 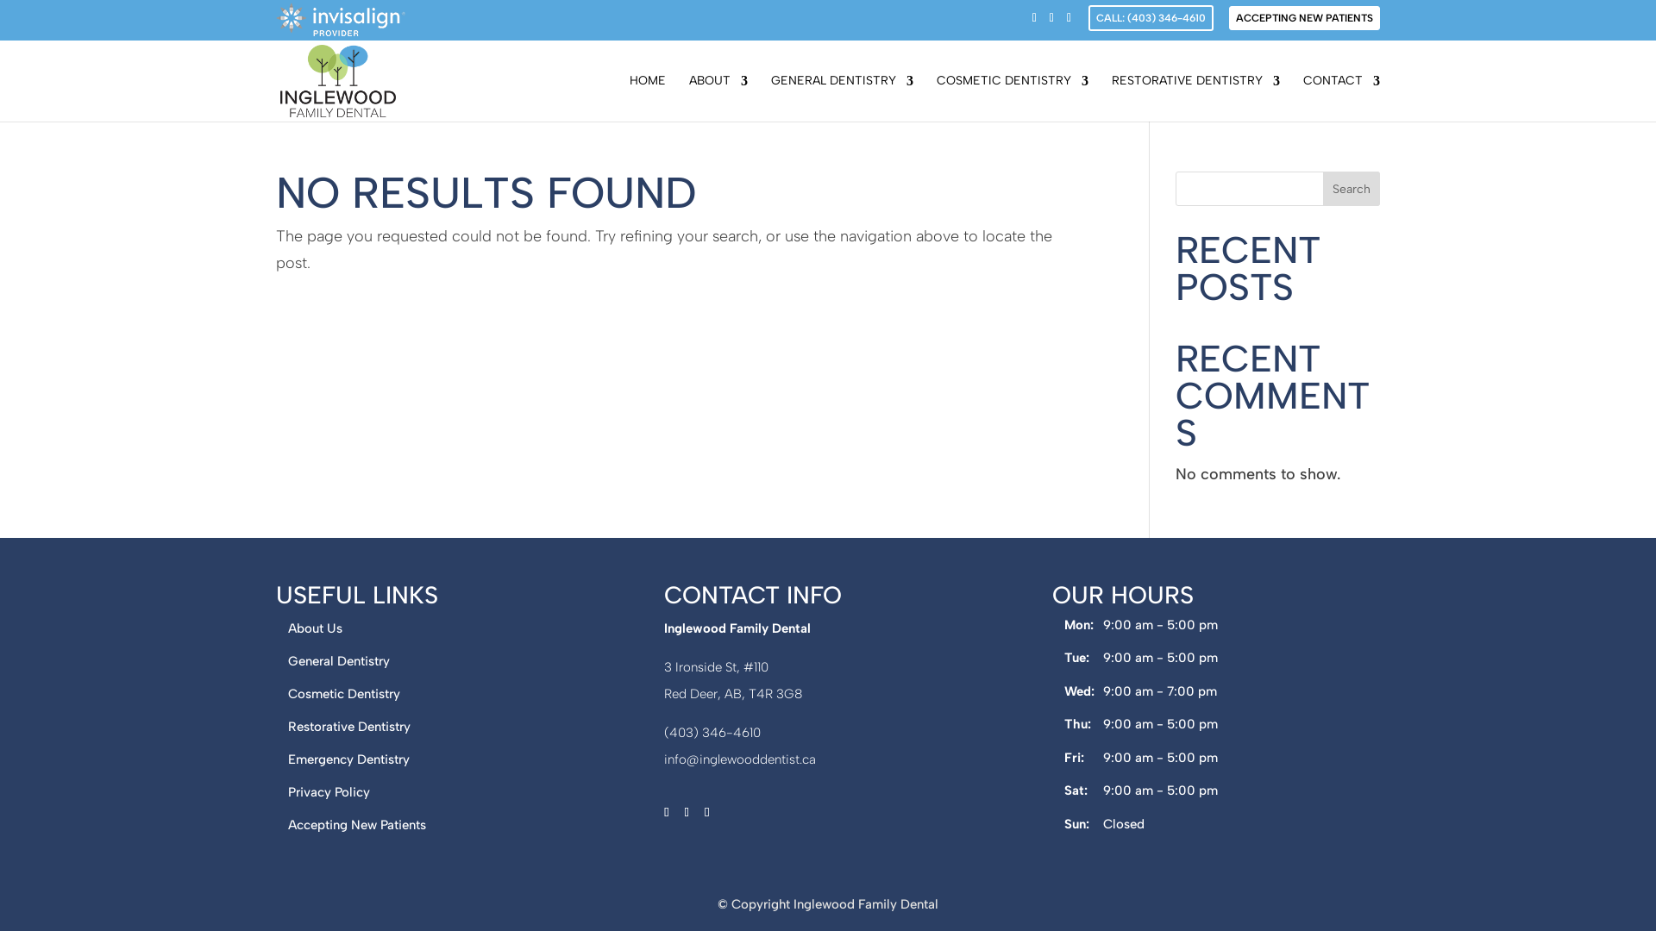 What do you see at coordinates (740, 758) in the screenshot?
I see `'info@inglewooddentist.ca'` at bounding box center [740, 758].